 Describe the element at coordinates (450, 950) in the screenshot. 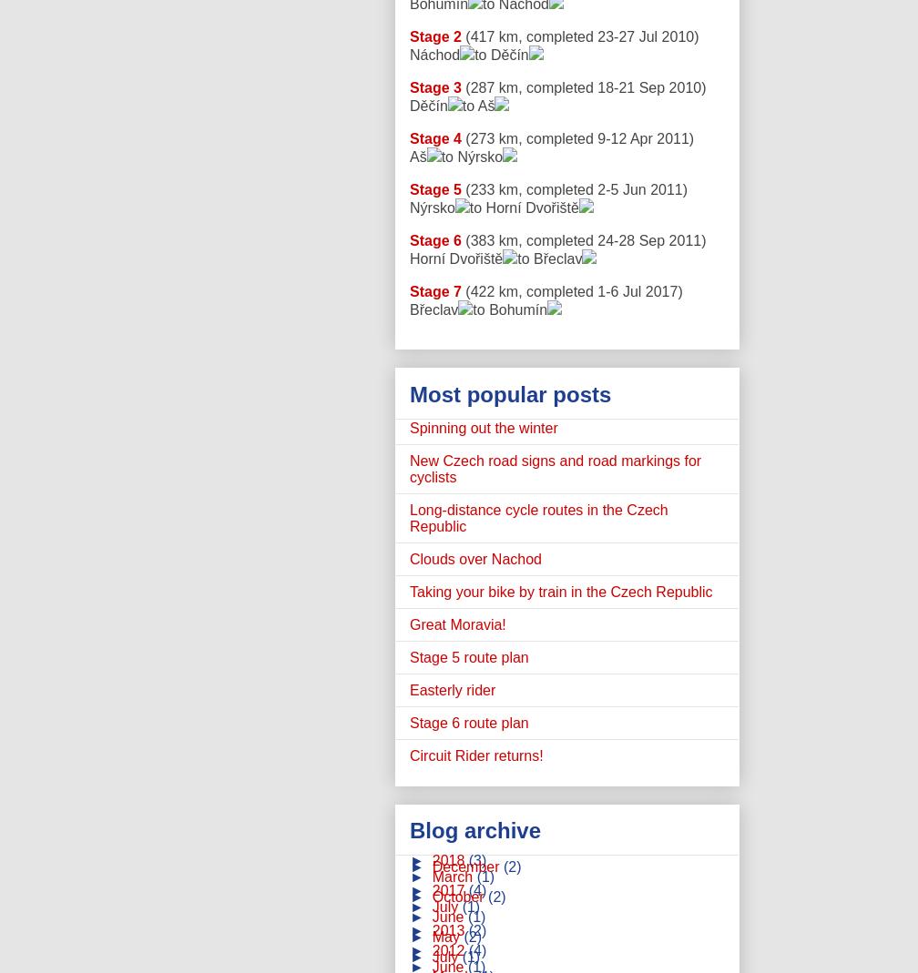

I see `'2012'` at that location.